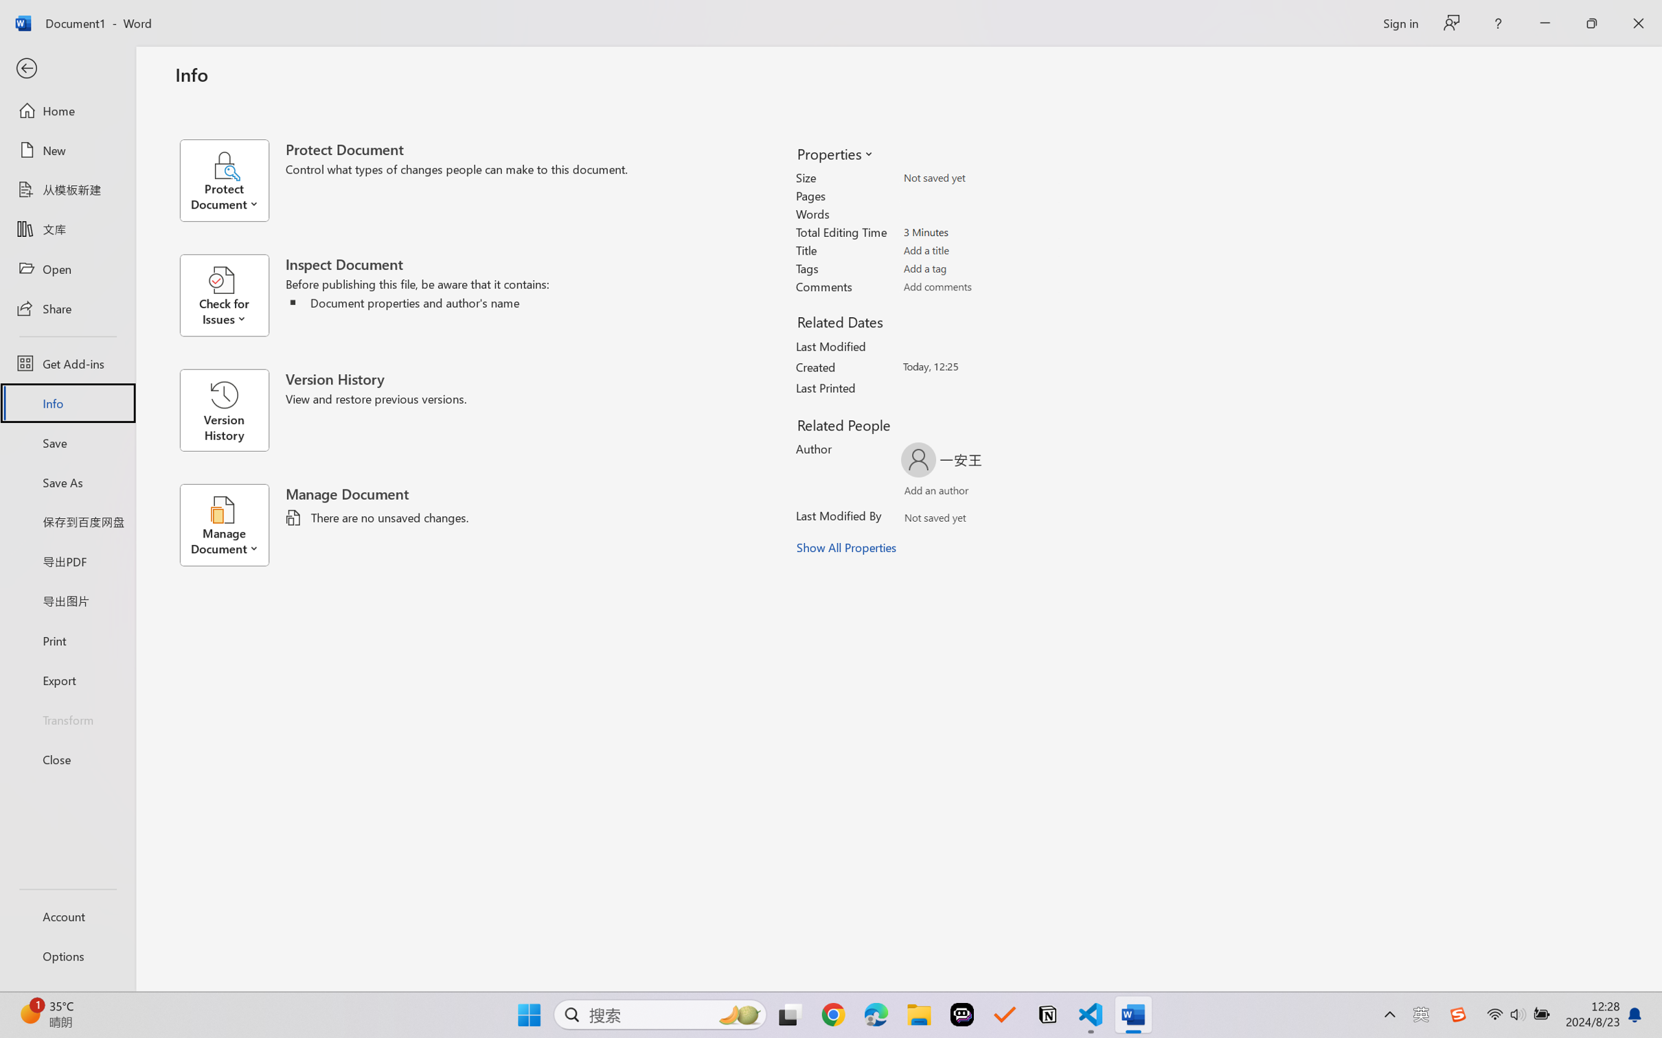 Image resolution: width=1662 pixels, height=1038 pixels. I want to click on 'Add an author', so click(923, 493).